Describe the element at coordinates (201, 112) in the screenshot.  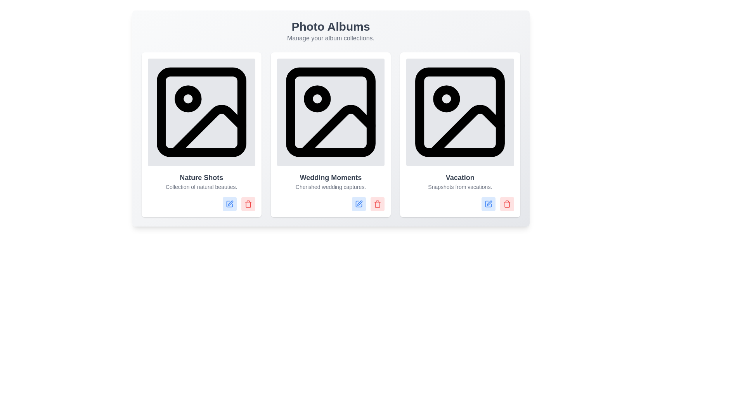
I see `the album cover image to view it` at that location.